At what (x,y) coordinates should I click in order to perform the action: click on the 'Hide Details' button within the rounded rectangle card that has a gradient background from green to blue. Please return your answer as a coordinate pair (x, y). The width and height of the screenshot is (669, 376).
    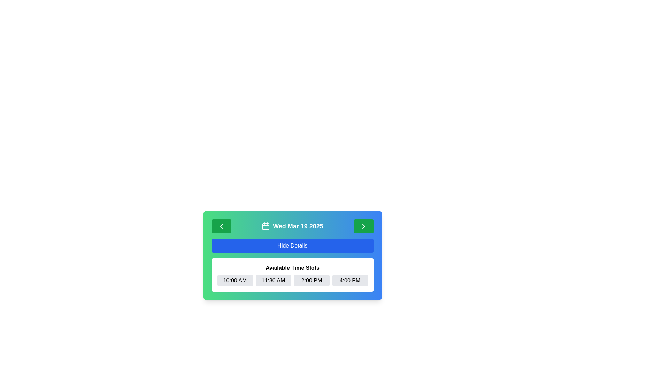
    Looking at the image, I should click on (292, 255).